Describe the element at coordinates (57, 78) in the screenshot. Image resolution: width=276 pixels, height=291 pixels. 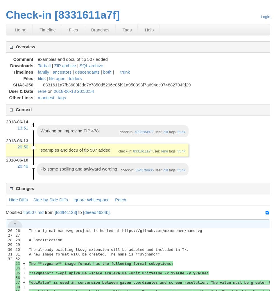
I see `'file ages'` at that location.